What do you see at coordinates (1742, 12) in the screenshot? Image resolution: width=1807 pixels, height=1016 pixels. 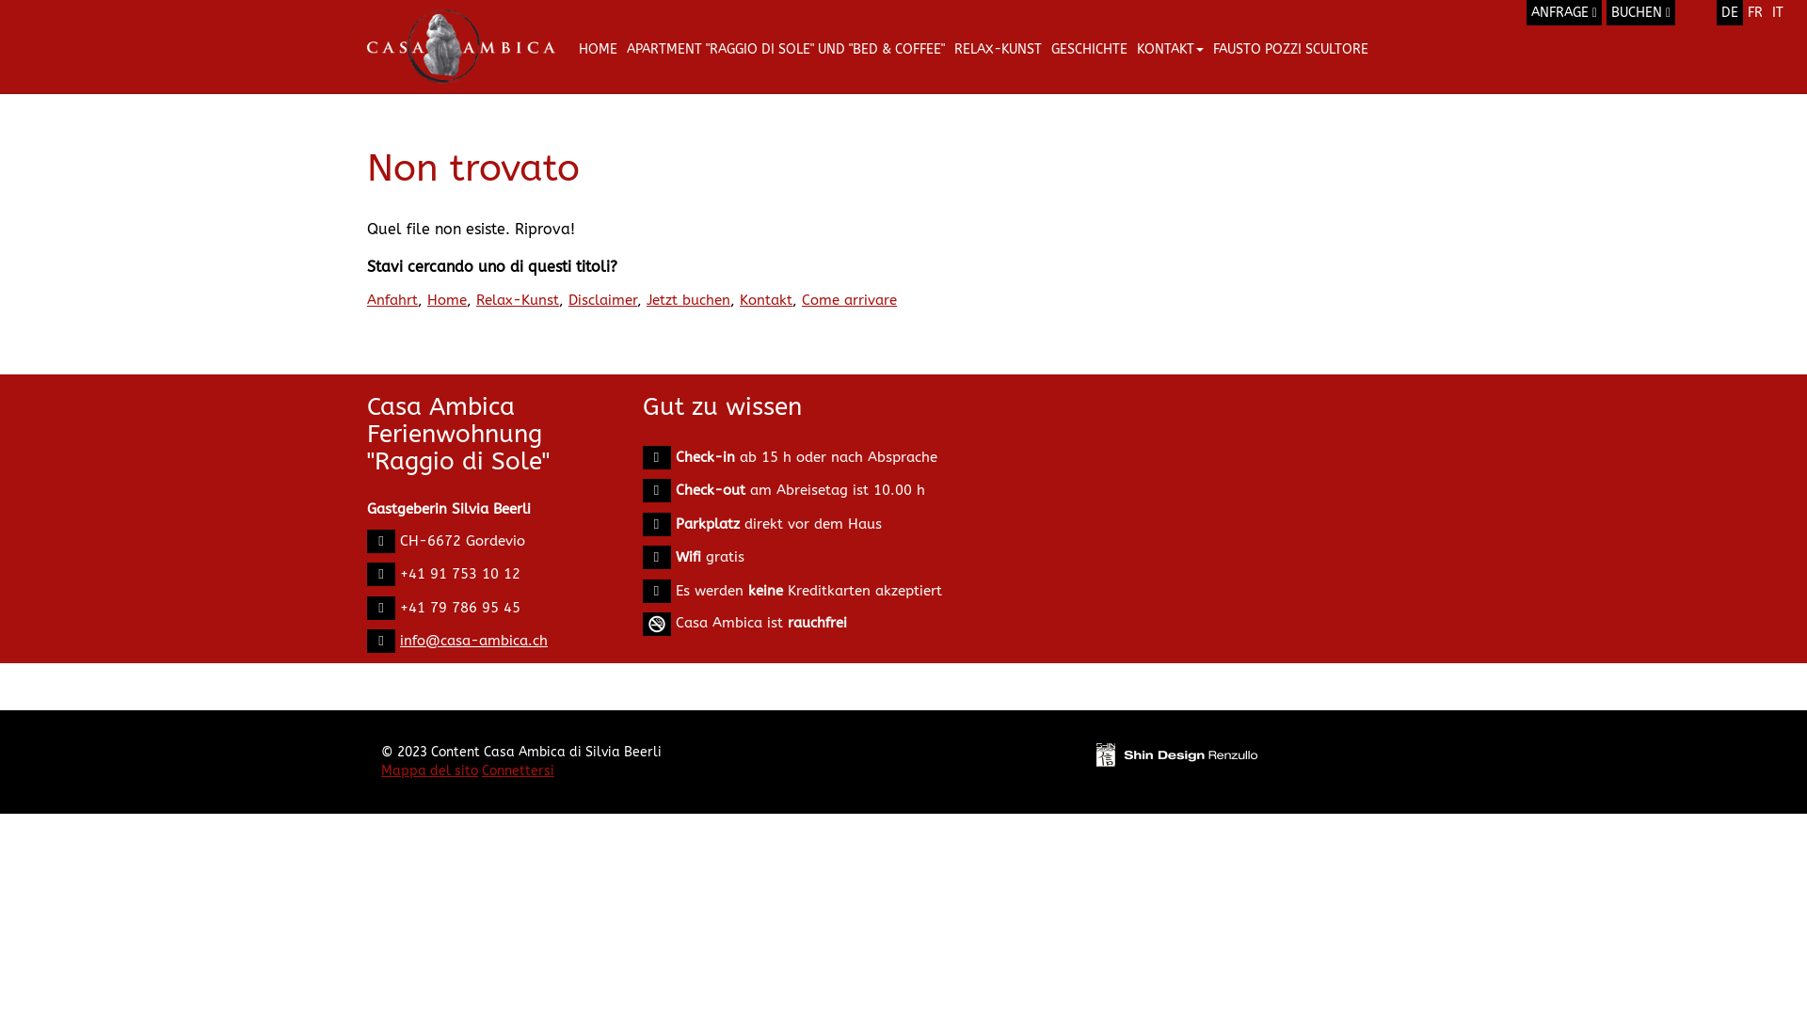 I see `'FR'` at bounding box center [1742, 12].